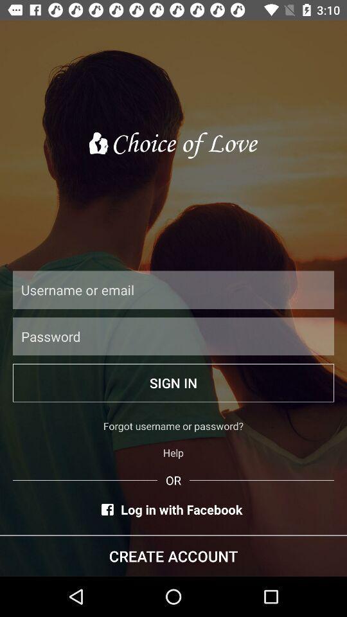 This screenshot has width=347, height=617. What do you see at coordinates (173, 382) in the screenshot?
I see `the sign in item` at bounding box center [173, 382].